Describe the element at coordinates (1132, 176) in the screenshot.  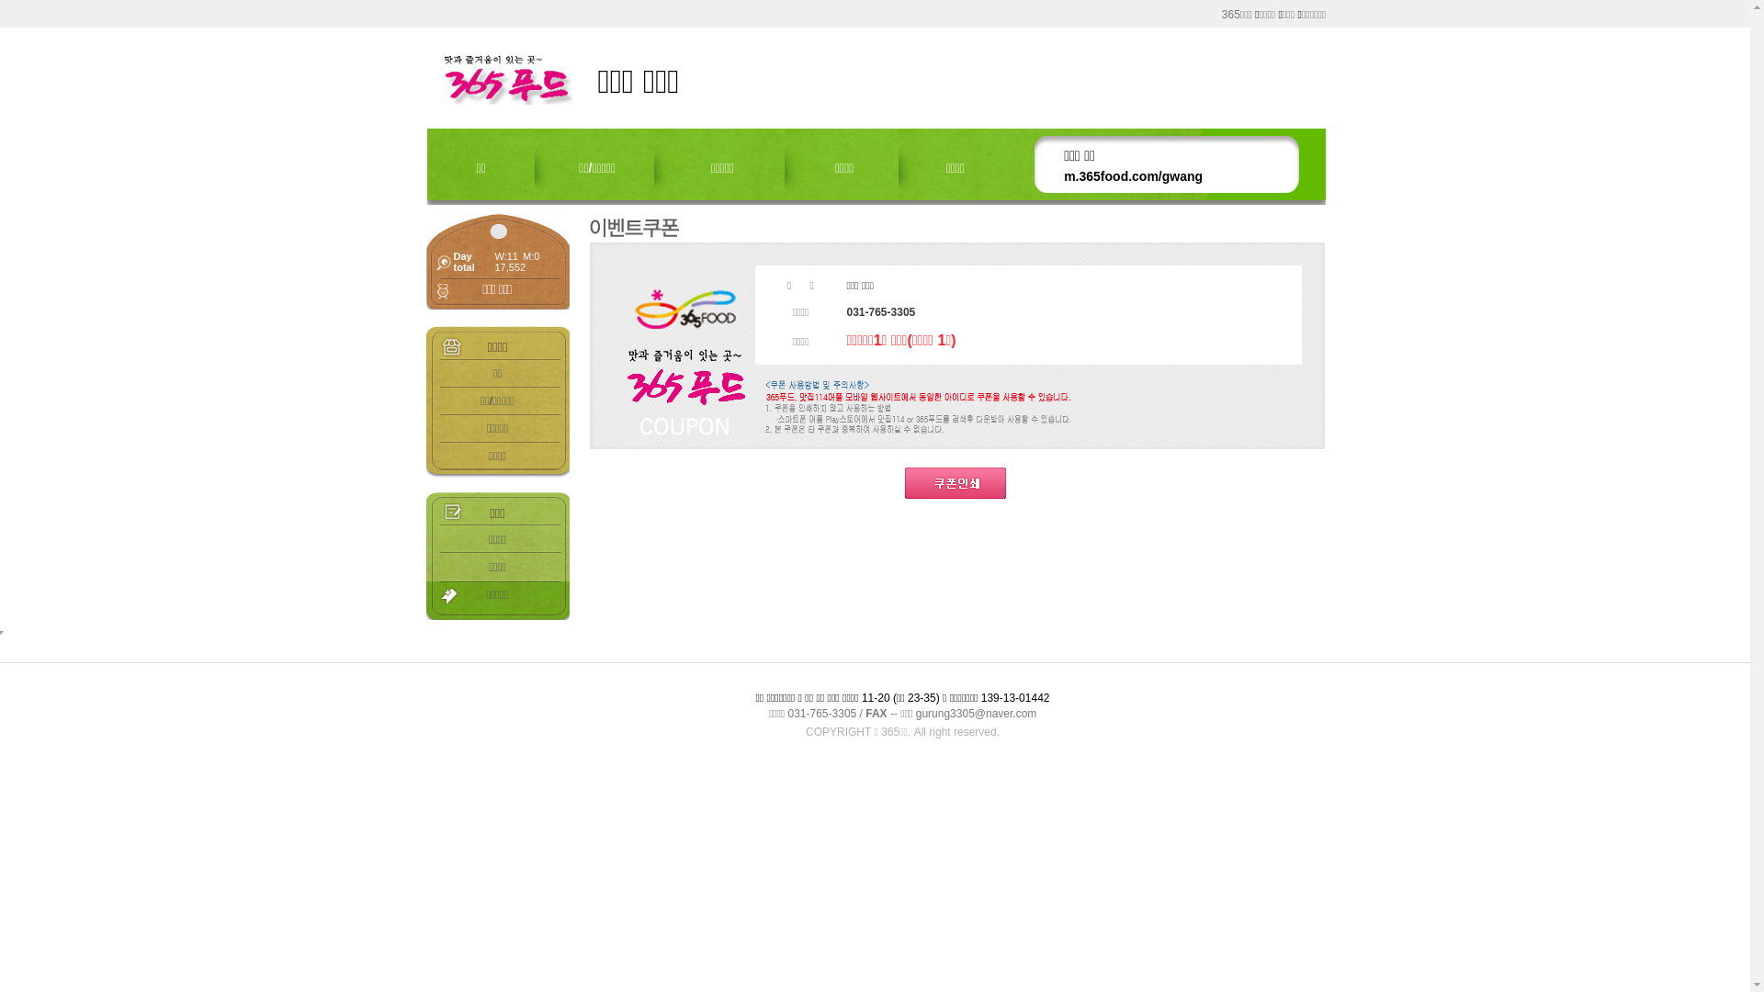
I see `'m.365food.com/gwang'` at that location.